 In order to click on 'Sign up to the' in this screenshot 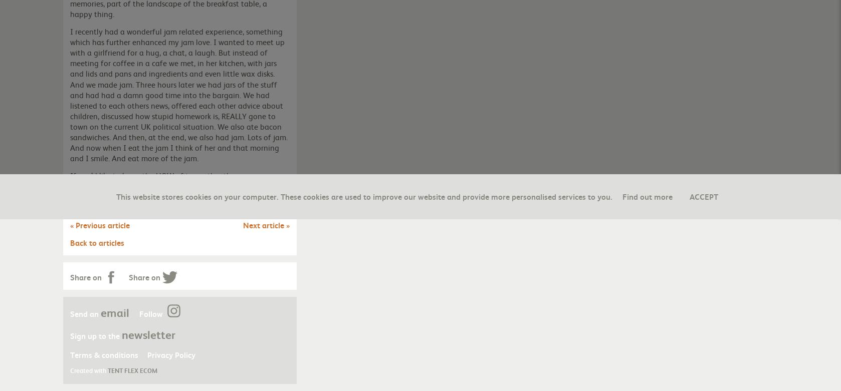, I will do `click(96, 335)`.